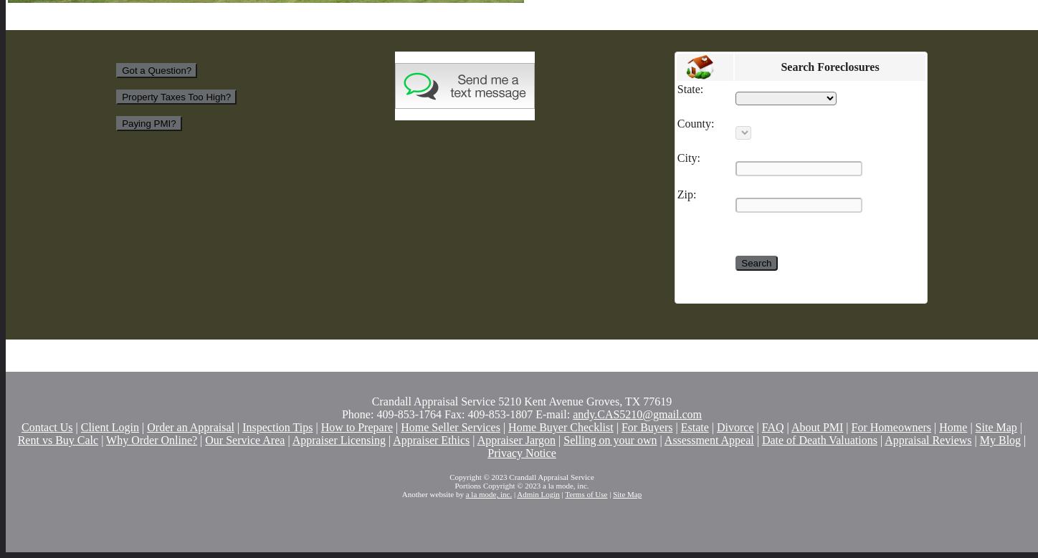  Describe the element at coordinates (781, 65) in the screenshot. I see `'Search Foreclosures'` at that location.